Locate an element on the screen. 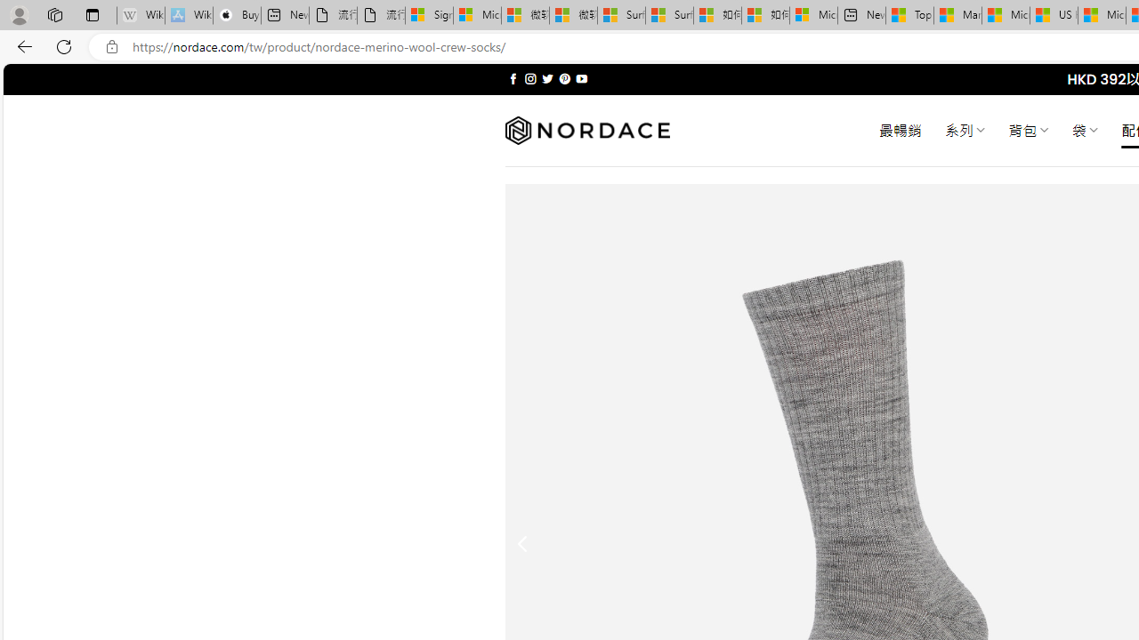  'Follow on Instagram' is located at coordinates (529, 78).